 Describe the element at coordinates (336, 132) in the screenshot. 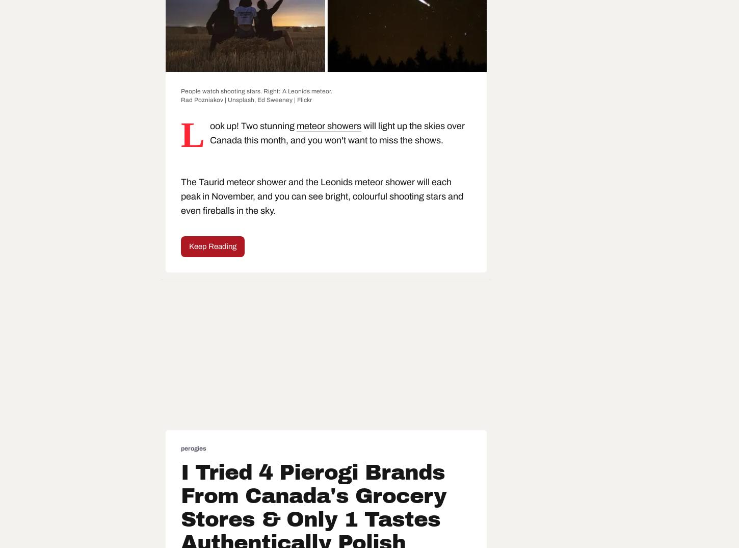

I see `'will light up the skies over Canada this month, and you won't want to miss the shows.'` at that location.